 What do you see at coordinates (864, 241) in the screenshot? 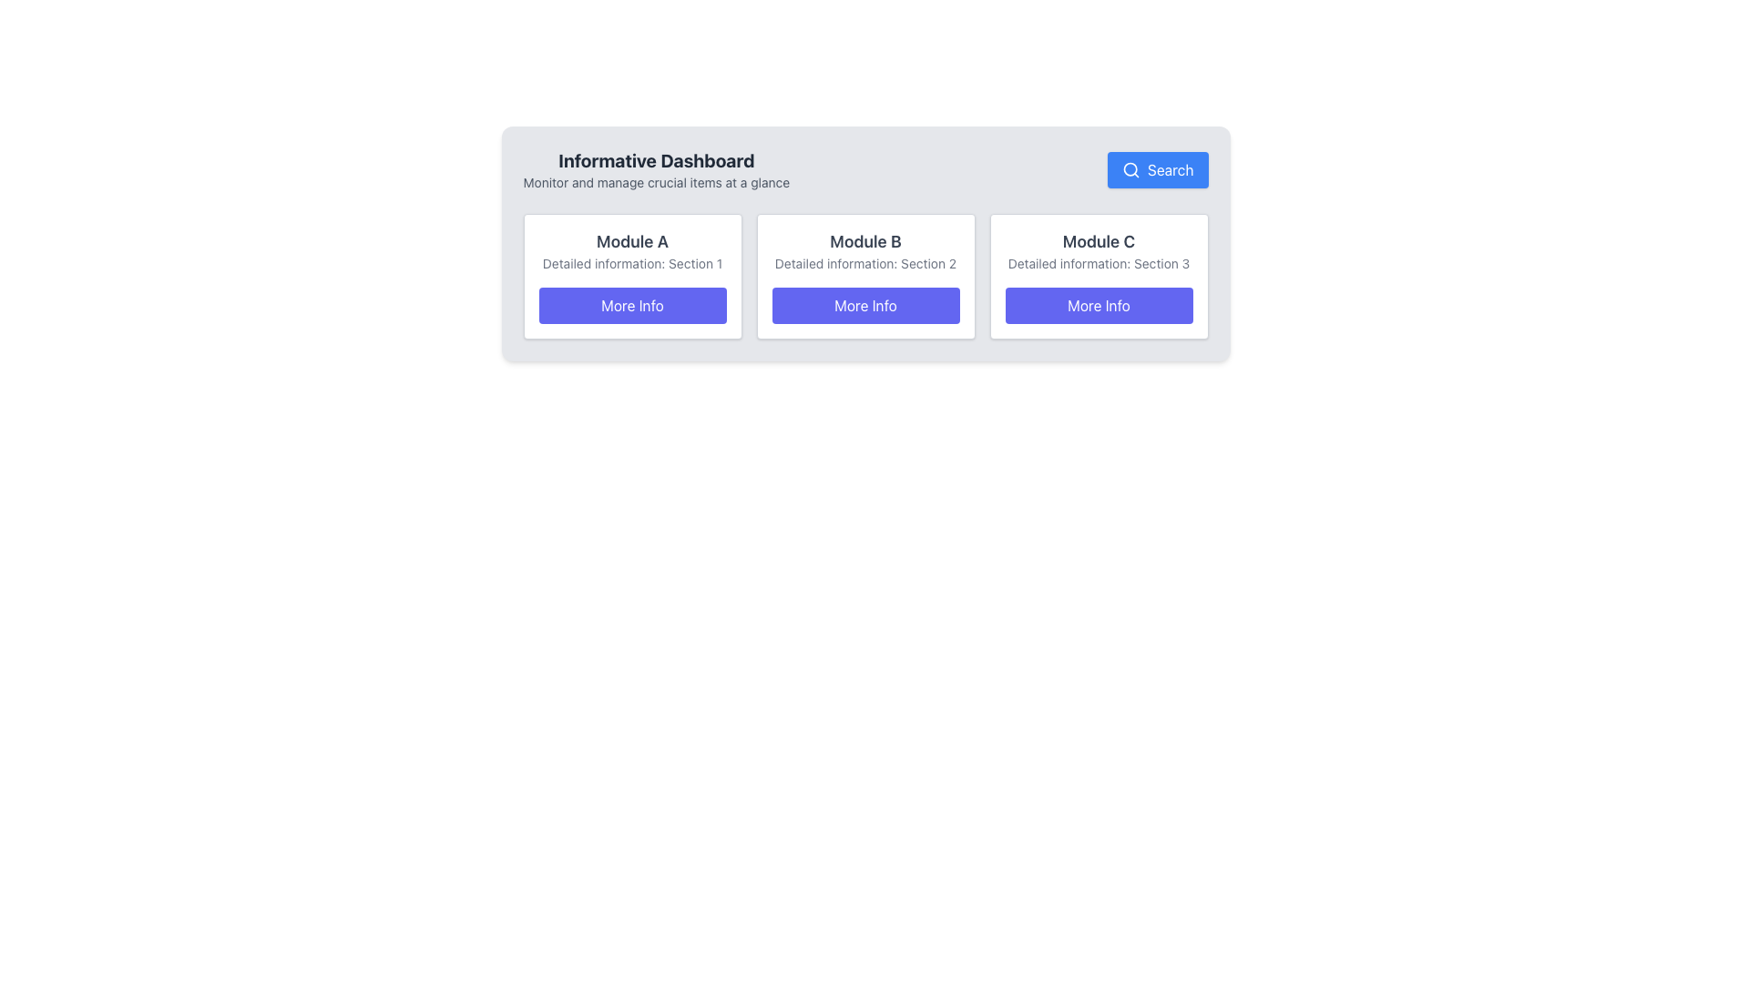
I see `the text label that serves as a title or label for the module within the grouped section` at bounding box center [864, 241].